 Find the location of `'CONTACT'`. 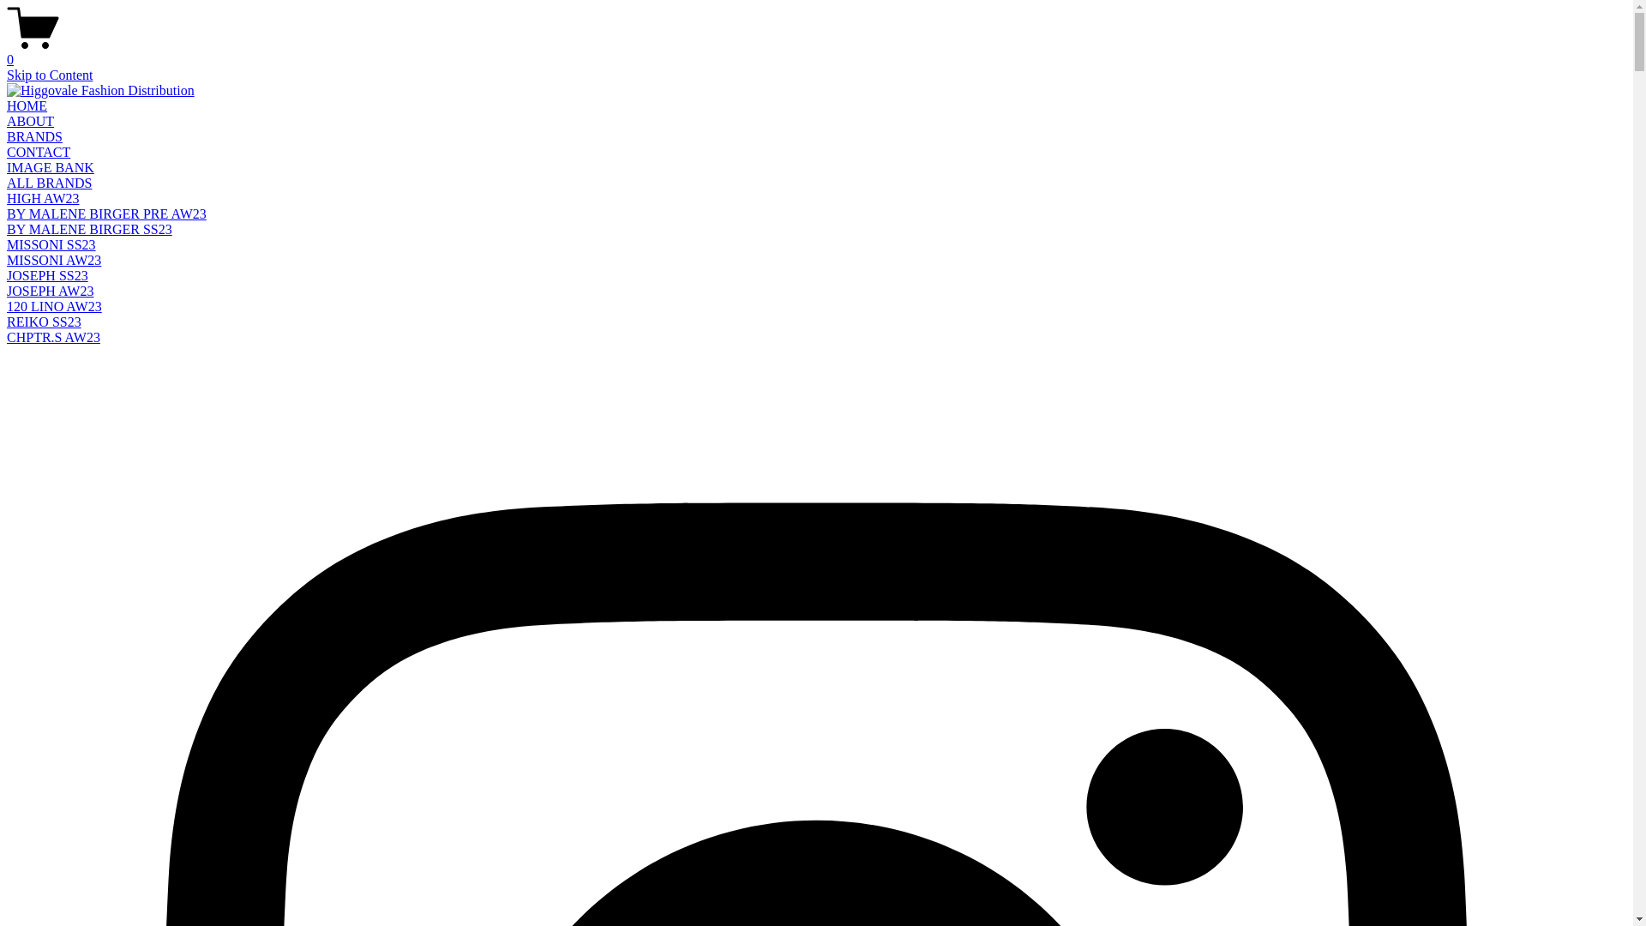

'CONTACT' is located at coordinates (38, 151).